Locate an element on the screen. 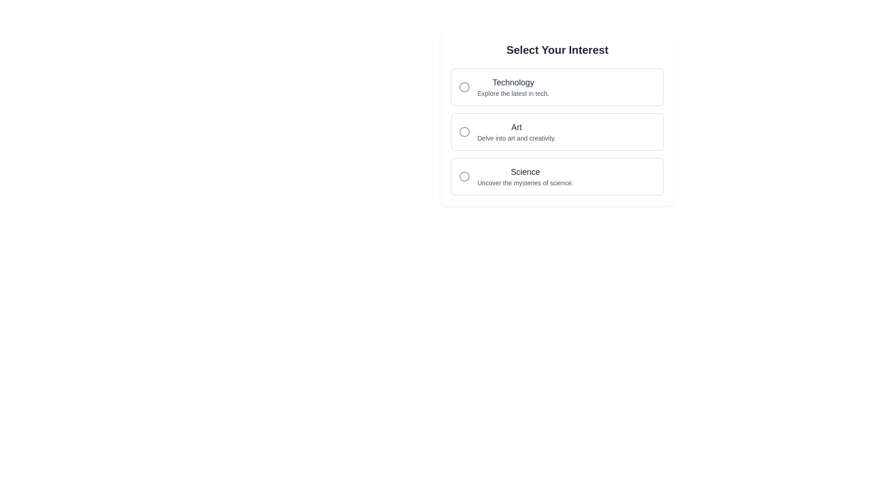 The width and height of the screenshot is (878, 493). the descriptive subtitle text located below the 'Science' heading within the third selectable card in the vertical list is located at coordinates (525, 183).